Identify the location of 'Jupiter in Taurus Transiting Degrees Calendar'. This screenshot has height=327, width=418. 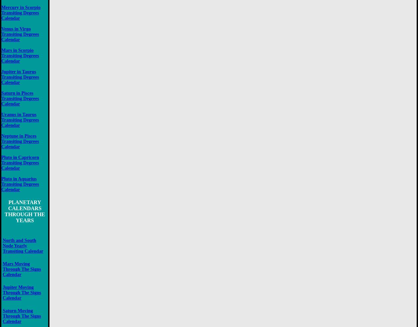
(20, 76).